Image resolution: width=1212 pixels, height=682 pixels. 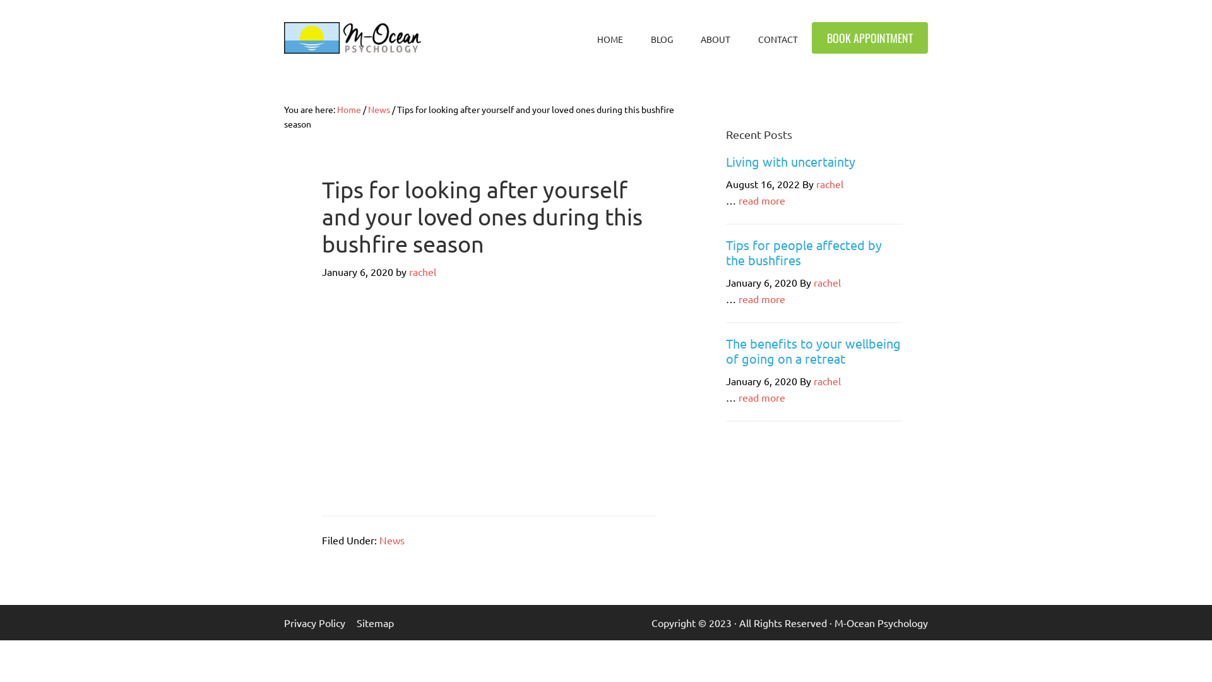 What do you see at coordinates (320, 622) in the screenshot?
I see `'Privacy Policy'` at bounding box center [320, 622].